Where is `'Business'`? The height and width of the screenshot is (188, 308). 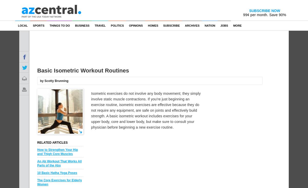
'Business' is located at coordinates (82, 25).